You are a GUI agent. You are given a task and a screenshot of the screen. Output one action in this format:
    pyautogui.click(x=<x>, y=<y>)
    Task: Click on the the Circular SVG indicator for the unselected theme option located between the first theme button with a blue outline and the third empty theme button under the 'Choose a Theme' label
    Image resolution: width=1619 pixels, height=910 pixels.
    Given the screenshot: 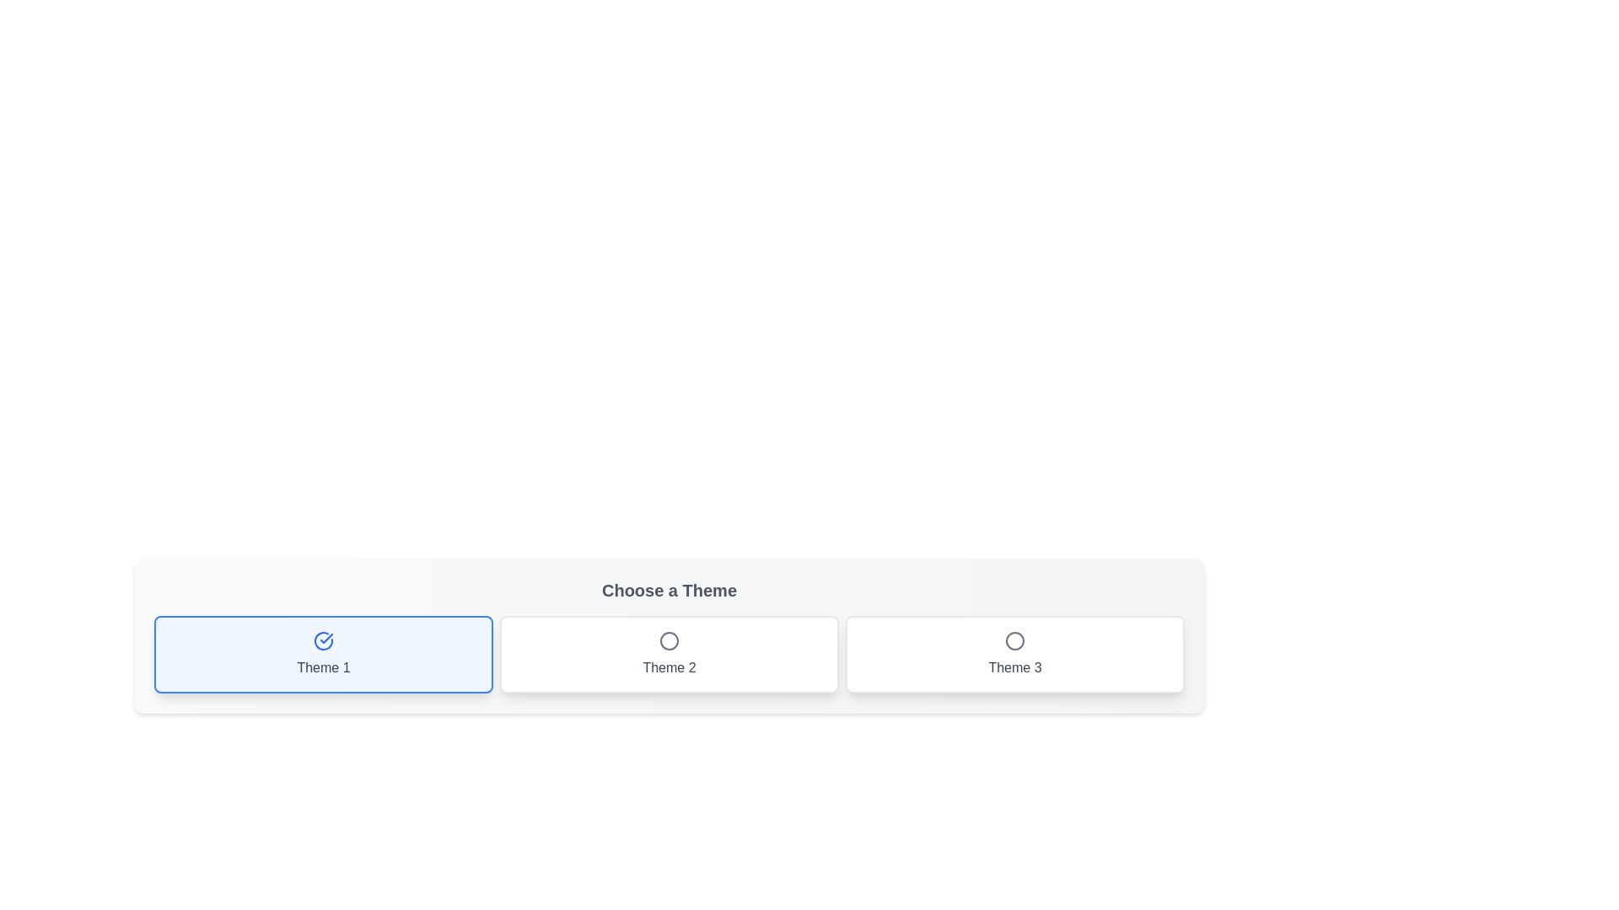 What is the action you would take?
    pyautogui.click(x=668, y=640)
    